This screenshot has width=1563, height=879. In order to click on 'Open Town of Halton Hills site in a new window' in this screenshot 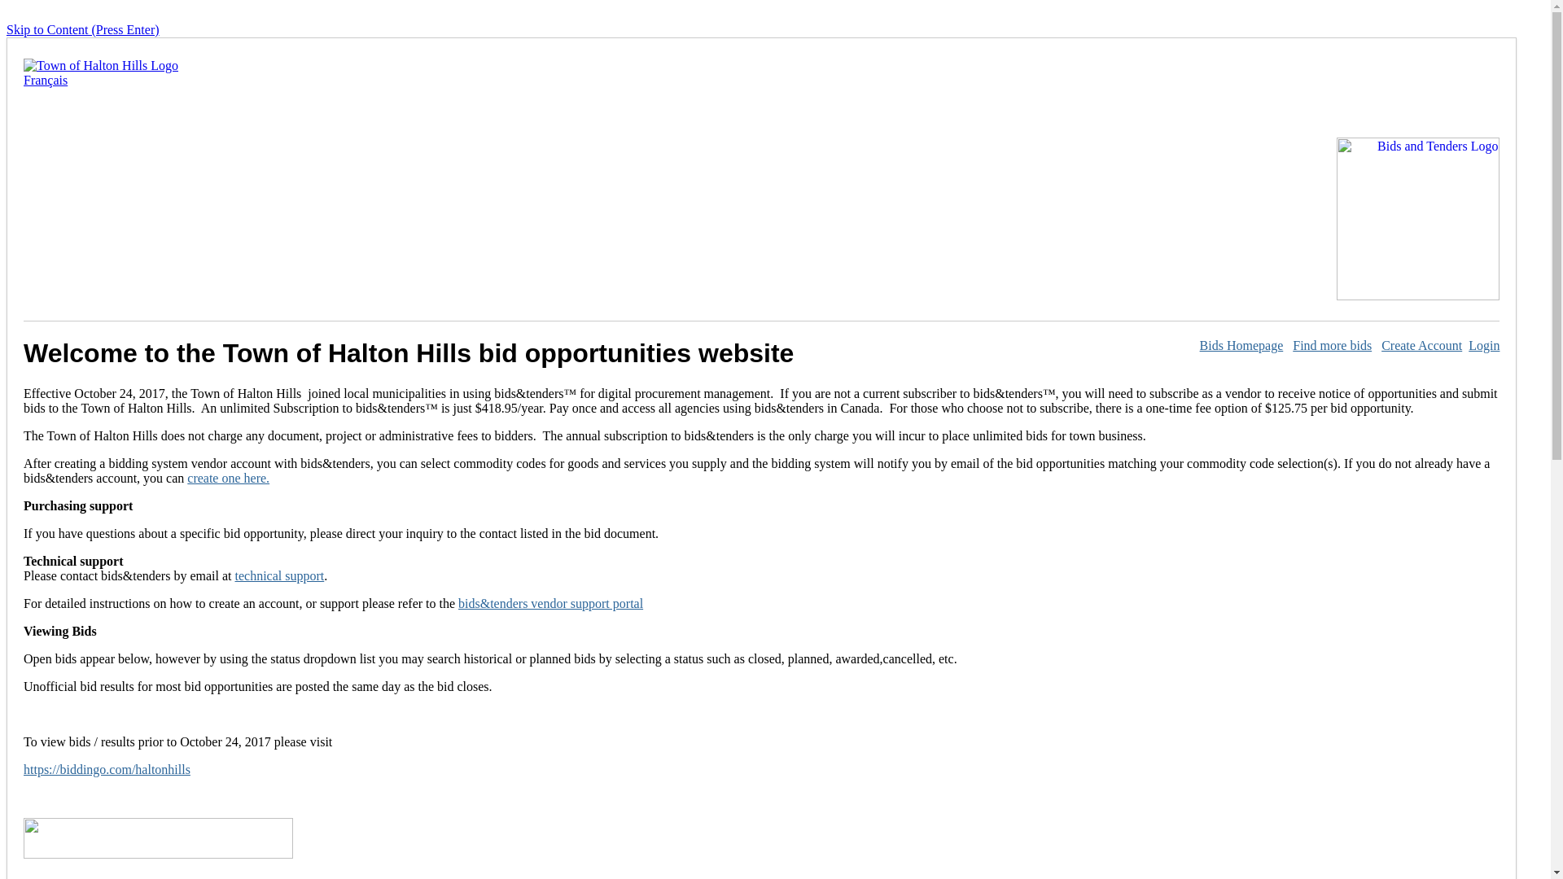, I will do `click(100, 64)`.